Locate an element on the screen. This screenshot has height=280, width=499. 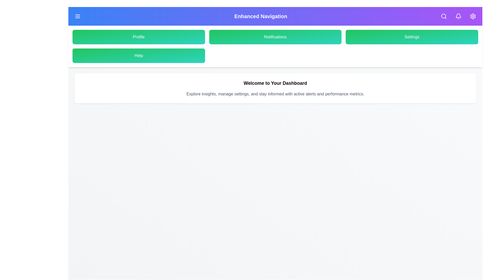
the notifications icon in the header is located at coordinates (458, 16).